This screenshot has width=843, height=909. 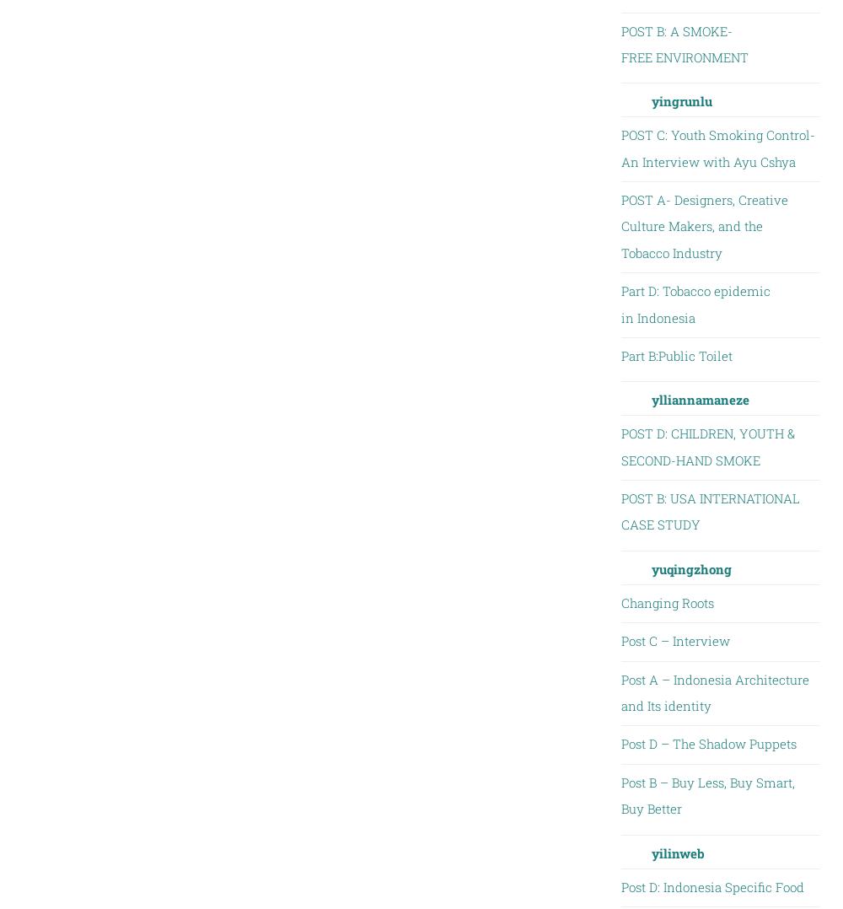 What do you see at coordinates (717, 147) in the screenshot?
I see `'POST C: Youth Smoking Control- An Interview with Ayu Cshya'` at bounding box center [717, 147].